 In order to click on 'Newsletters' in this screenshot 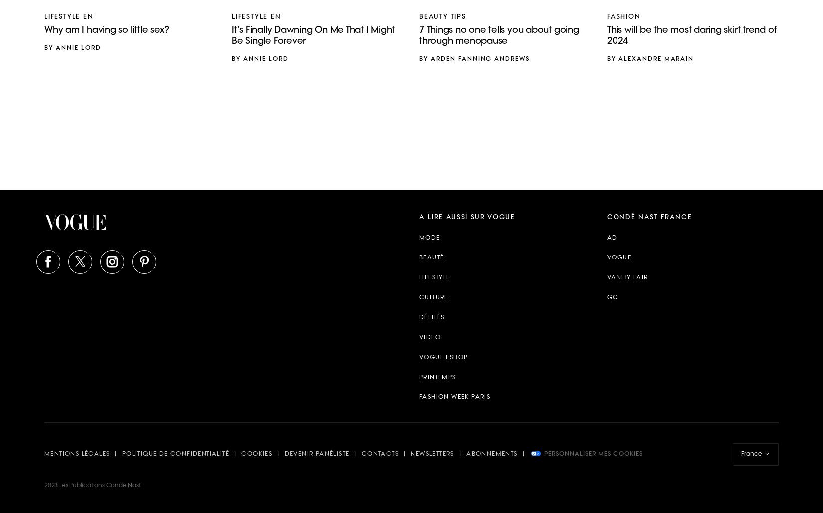, I will do `click(410, 454)`.